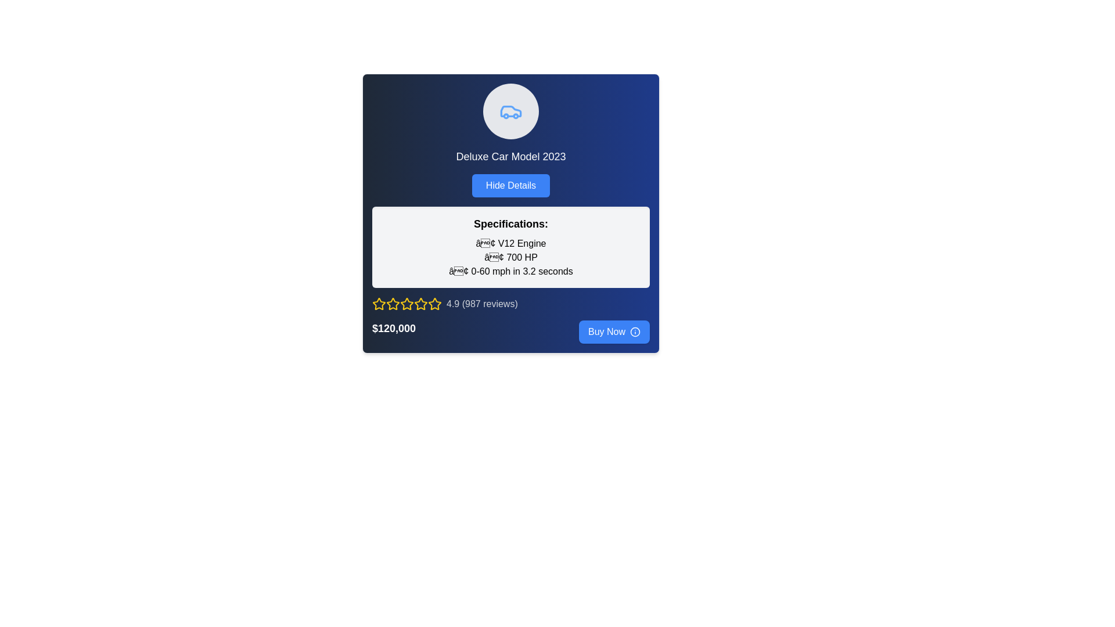 The image size is (1115, 627). Describe the element at coordinates (613, 331) in the screenshot. I see `the 'Buy Now' button, which is a rounded rectangular button with a blue background and white text, located at the bottom area of a blue card` at that location.